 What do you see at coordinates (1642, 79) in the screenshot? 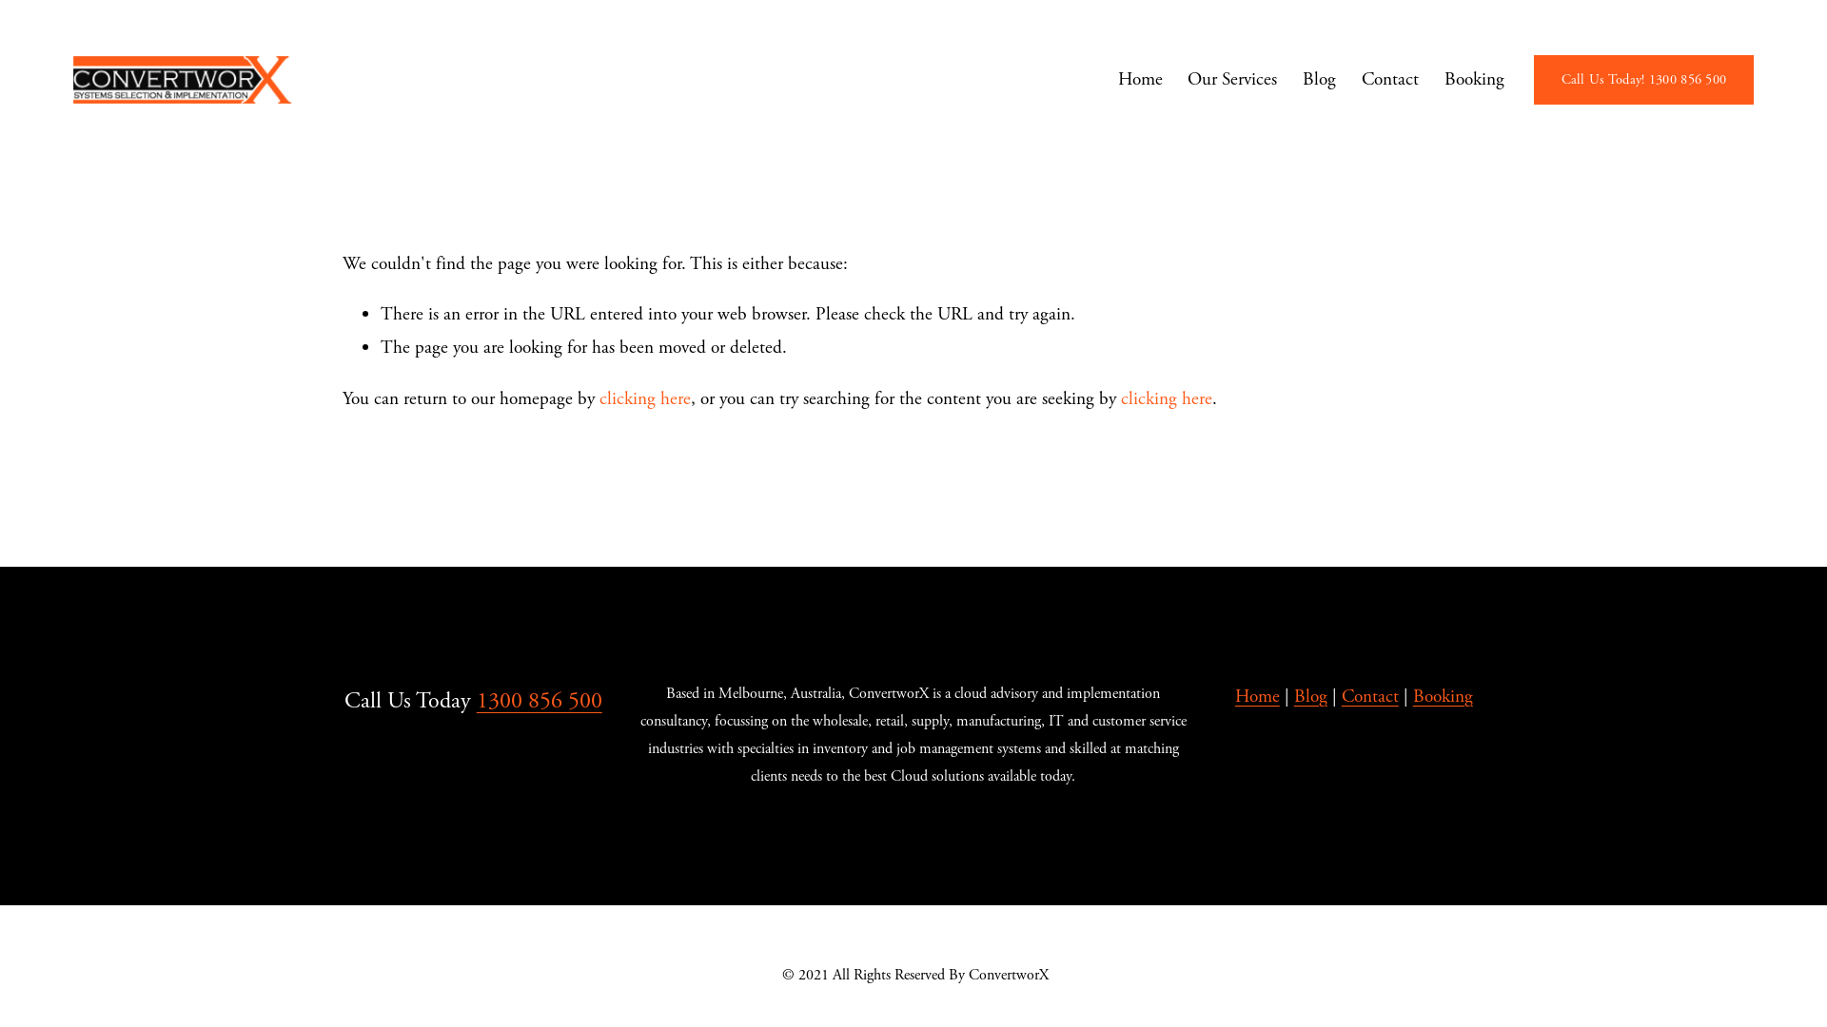
I see `'Call Us Today! 1300 856 500'` at bounding box center [1642, 79].